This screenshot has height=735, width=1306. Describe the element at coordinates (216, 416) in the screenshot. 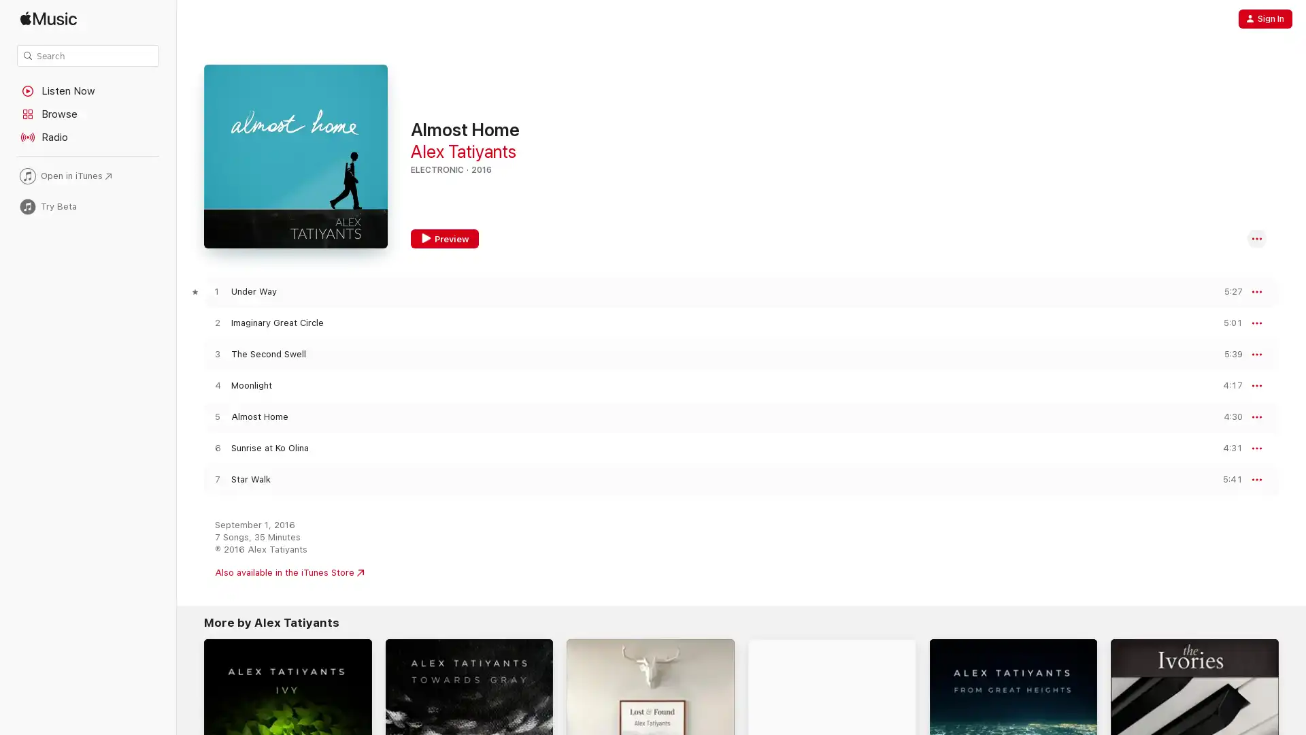

I see `Play` at that location.